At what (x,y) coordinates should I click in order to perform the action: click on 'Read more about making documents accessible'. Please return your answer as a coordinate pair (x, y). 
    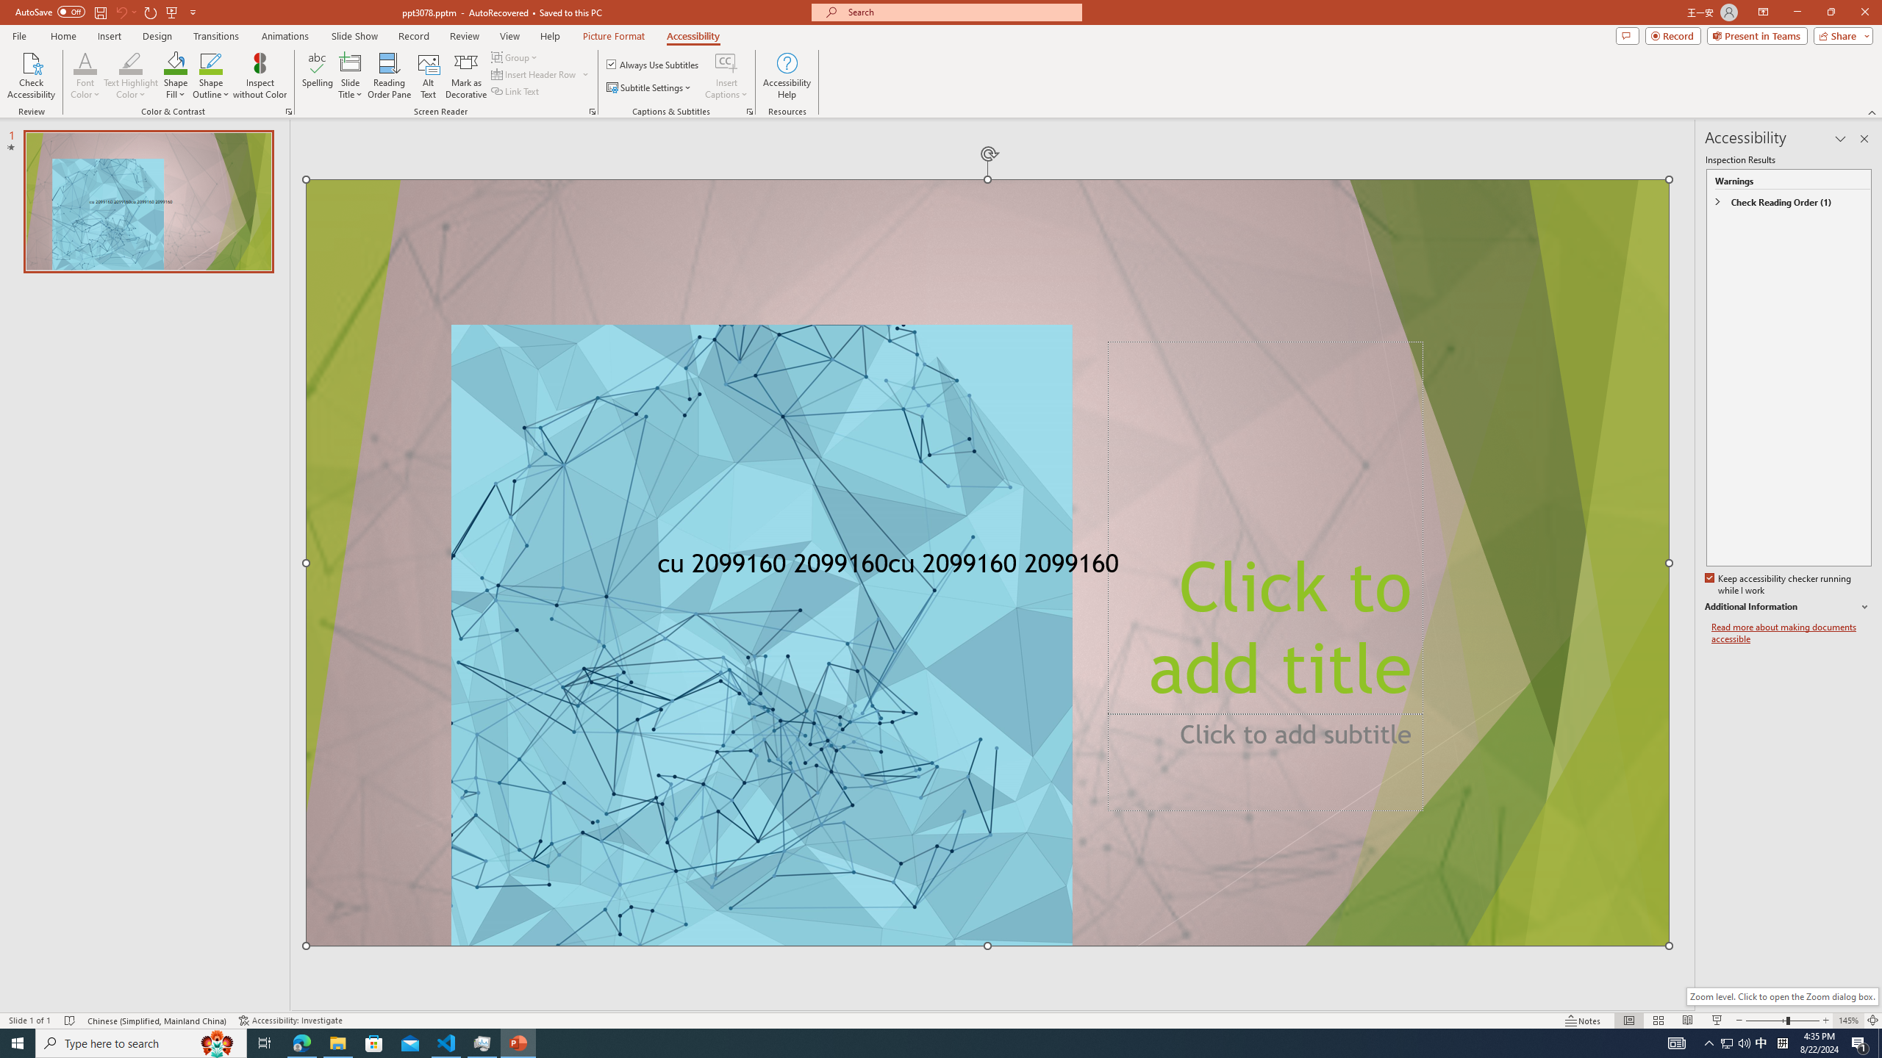
    Looking at the image, I should click on (1792, 633).